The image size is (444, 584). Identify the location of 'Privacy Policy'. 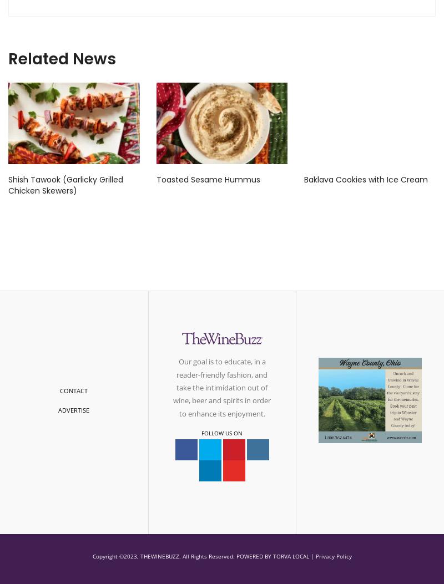
(333, 556).